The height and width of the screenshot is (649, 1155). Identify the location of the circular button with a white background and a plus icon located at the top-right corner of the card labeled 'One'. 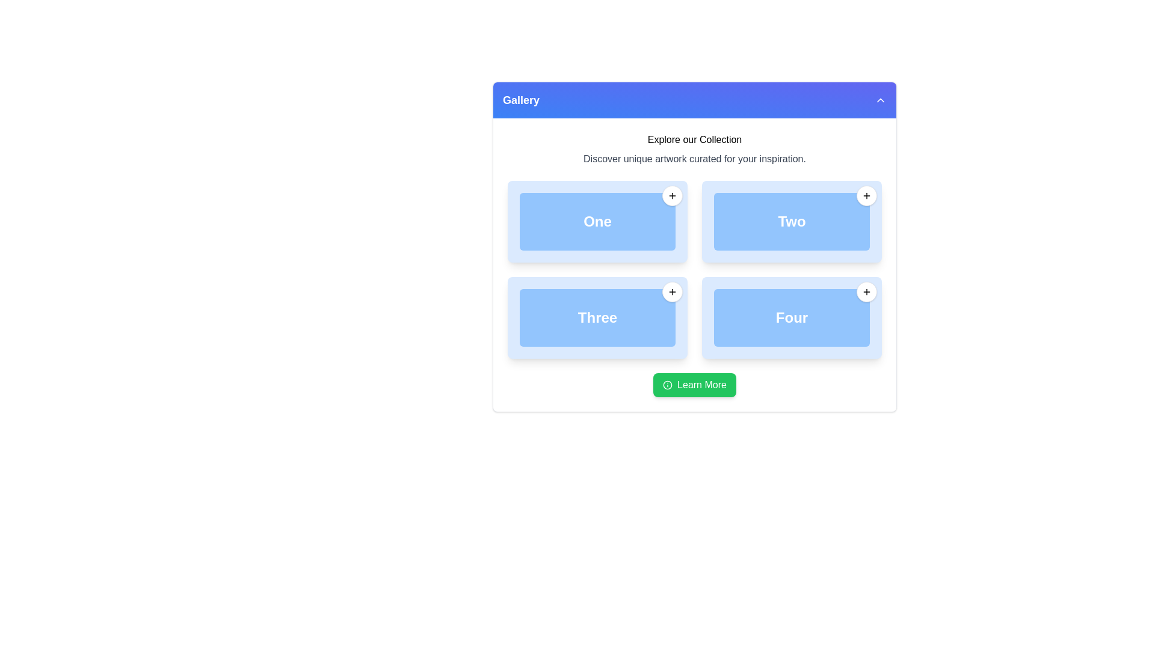
(672, 195).